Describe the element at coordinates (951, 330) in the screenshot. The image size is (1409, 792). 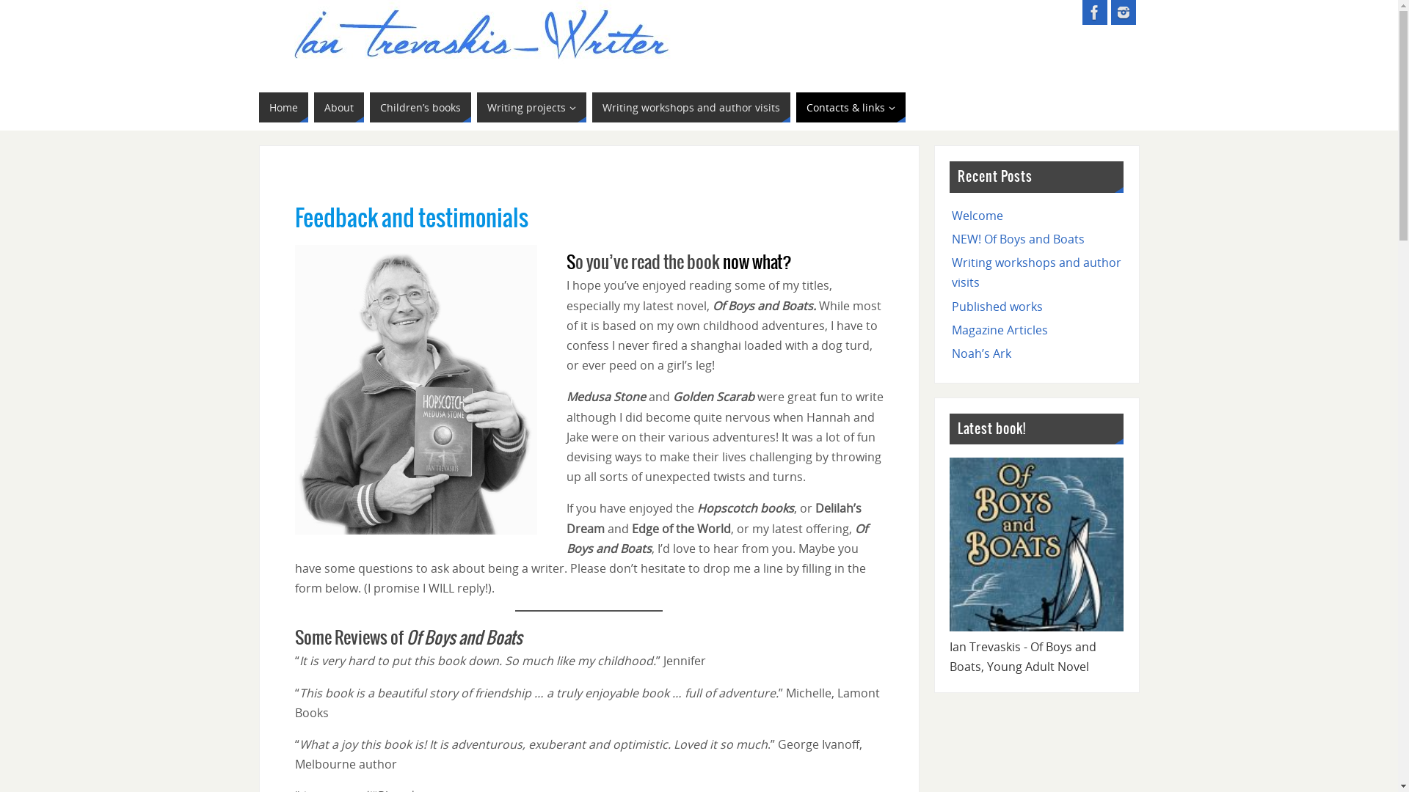
I see `'Magazine Articles'` at that location.